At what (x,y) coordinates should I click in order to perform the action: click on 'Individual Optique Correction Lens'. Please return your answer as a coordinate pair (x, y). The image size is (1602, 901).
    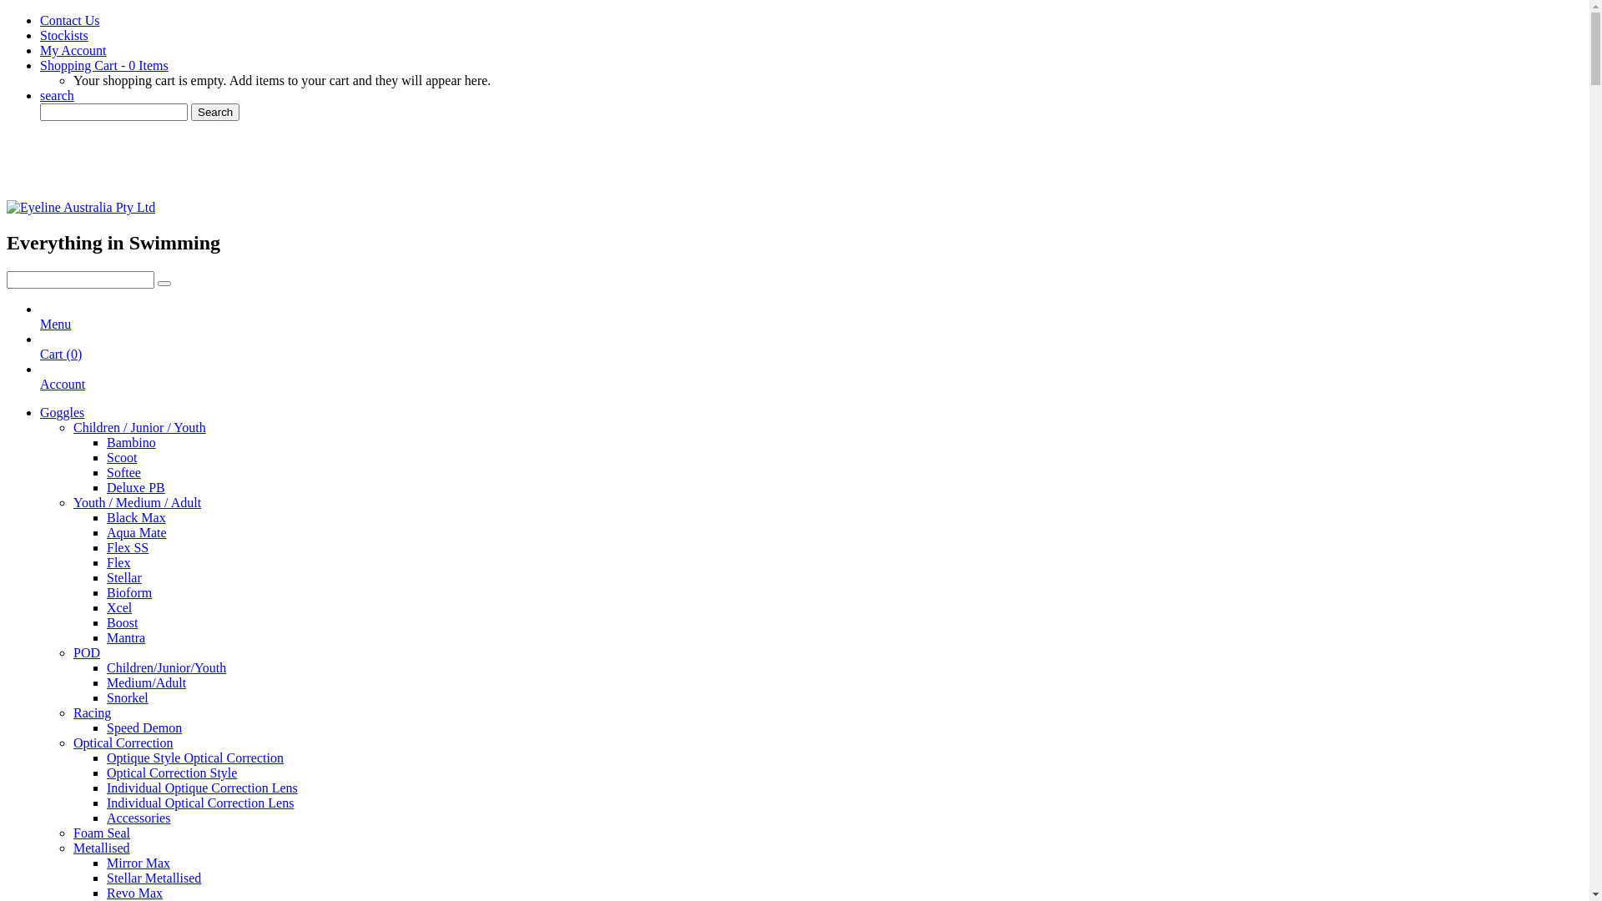
    Looking at the image, I should click on (201, 788).